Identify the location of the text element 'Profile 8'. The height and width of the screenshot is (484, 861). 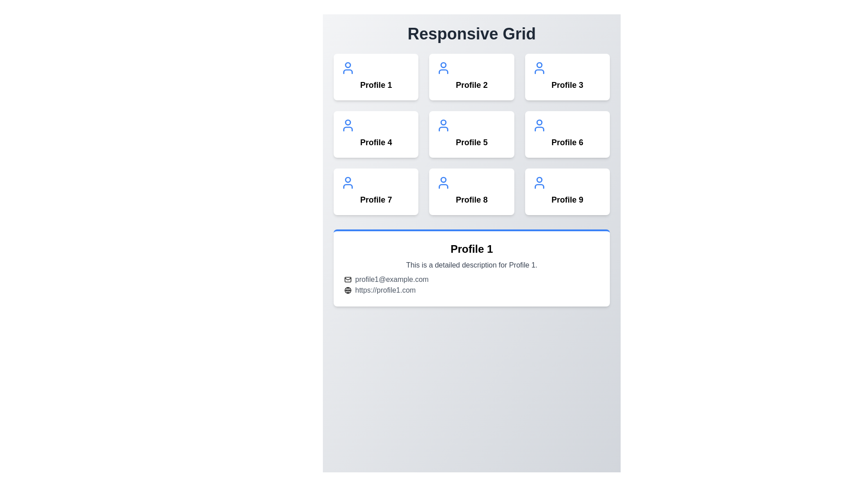
(471, 199).